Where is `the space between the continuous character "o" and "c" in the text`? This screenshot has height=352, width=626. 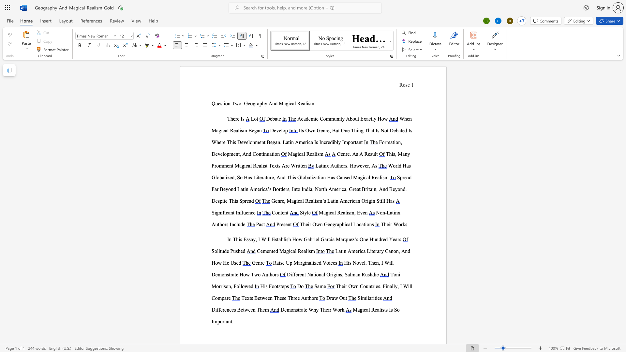
the space between the continuous character "o" and "c" in the text is located at coordinates (359, 224).